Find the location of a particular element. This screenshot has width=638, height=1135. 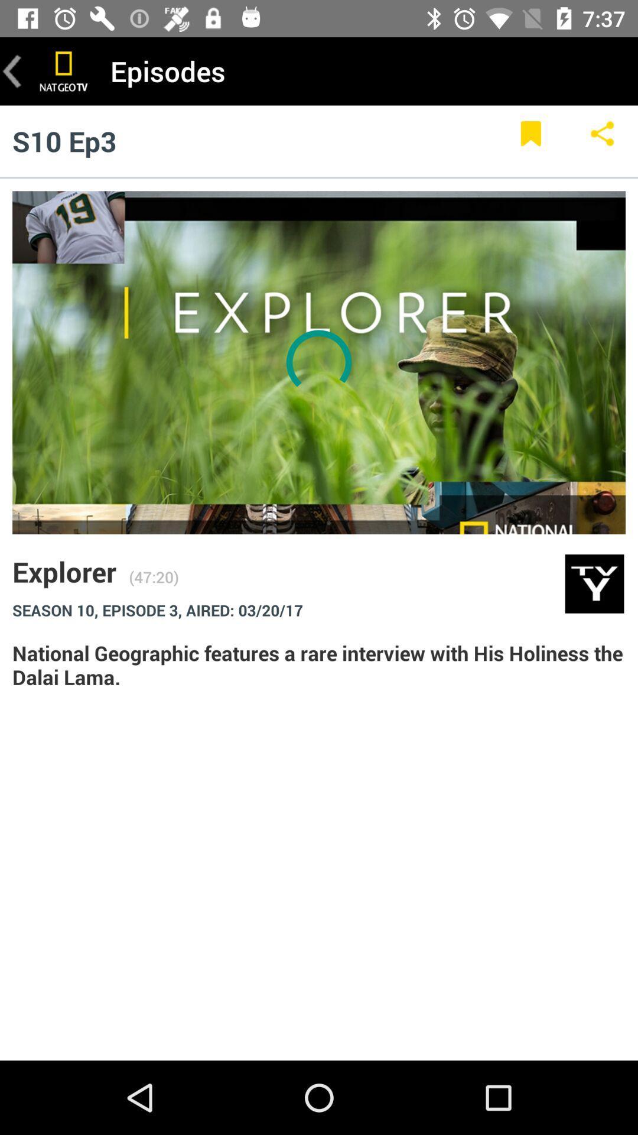

go back is located at coordinates (12, 70).